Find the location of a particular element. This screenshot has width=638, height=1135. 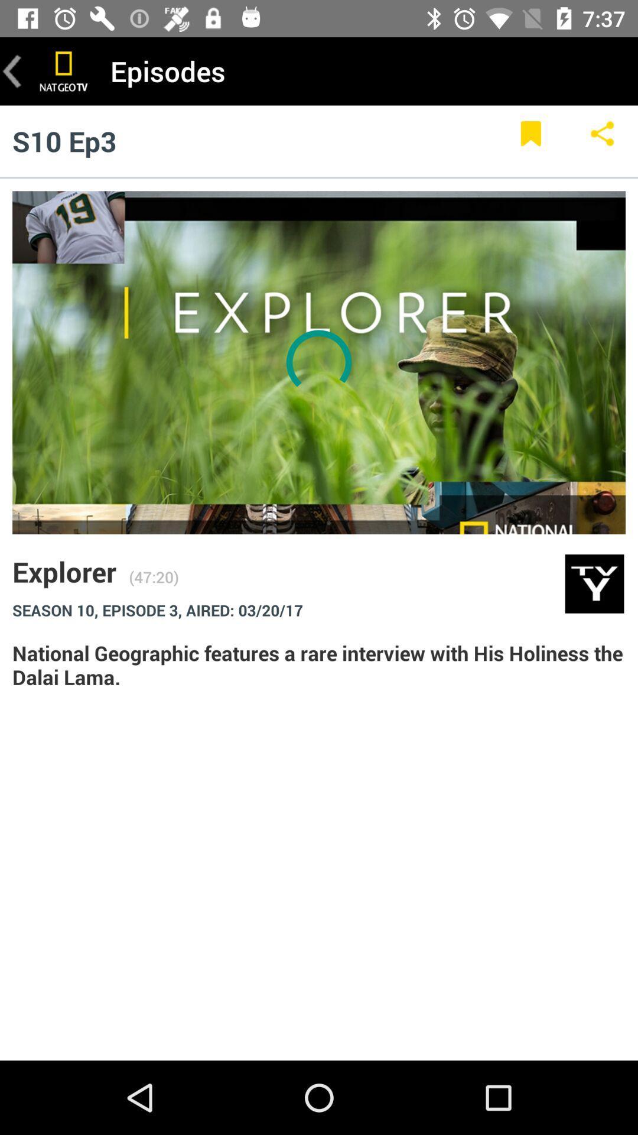

go back is located at coordinates (12, 70).